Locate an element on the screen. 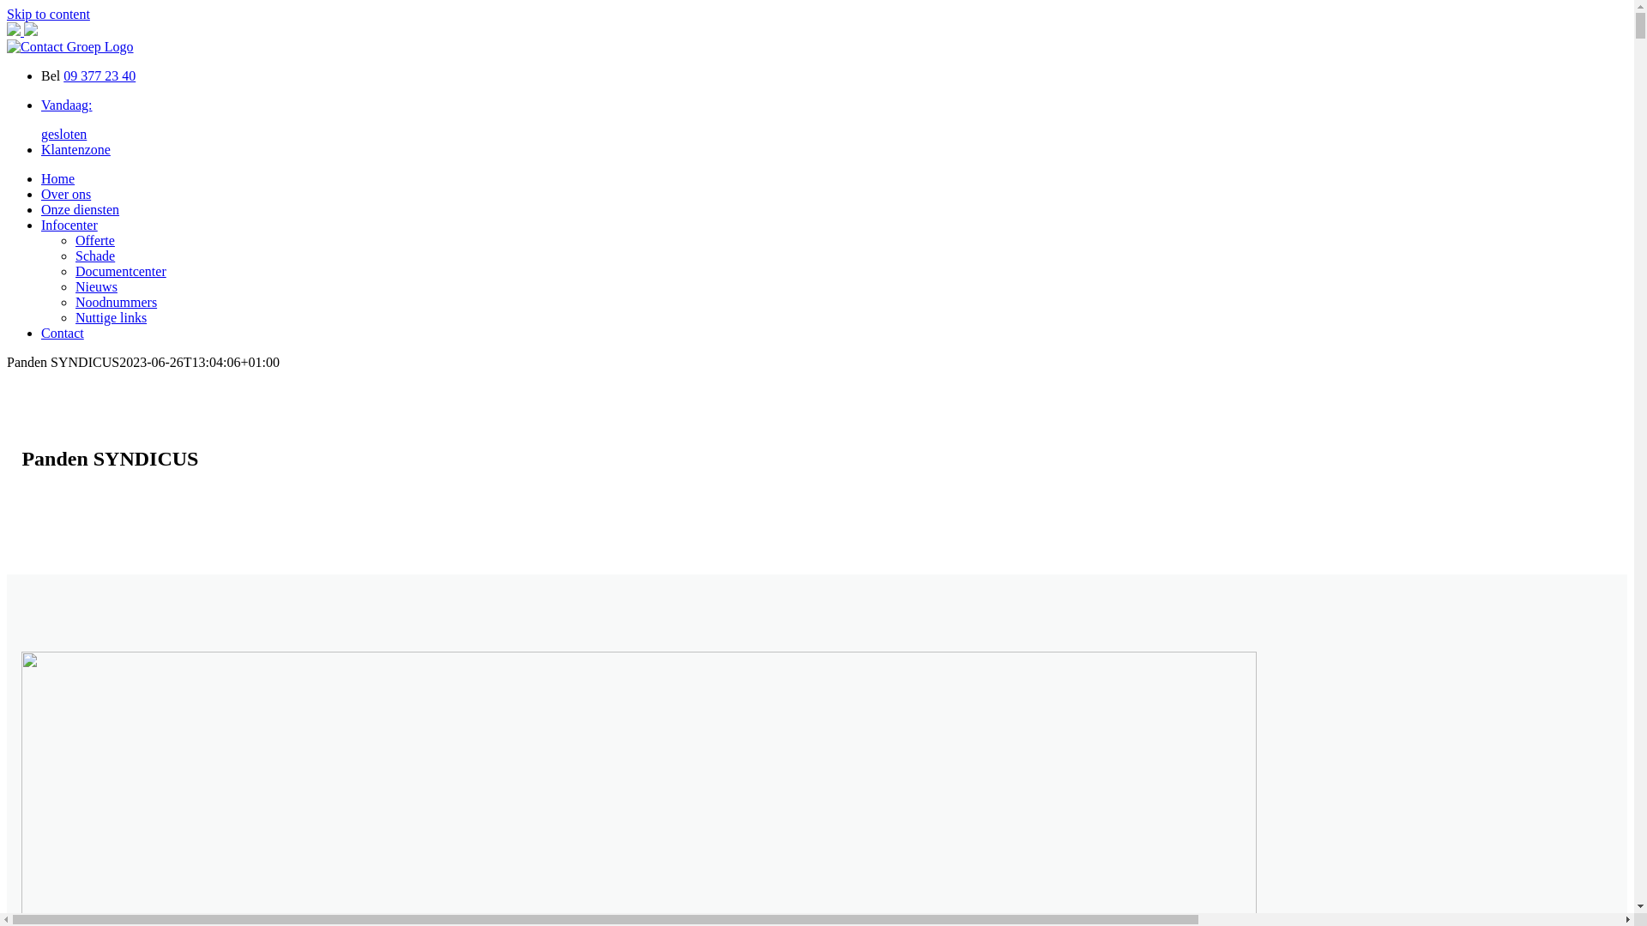  'Over ons' is located at coordinates (41, 193).